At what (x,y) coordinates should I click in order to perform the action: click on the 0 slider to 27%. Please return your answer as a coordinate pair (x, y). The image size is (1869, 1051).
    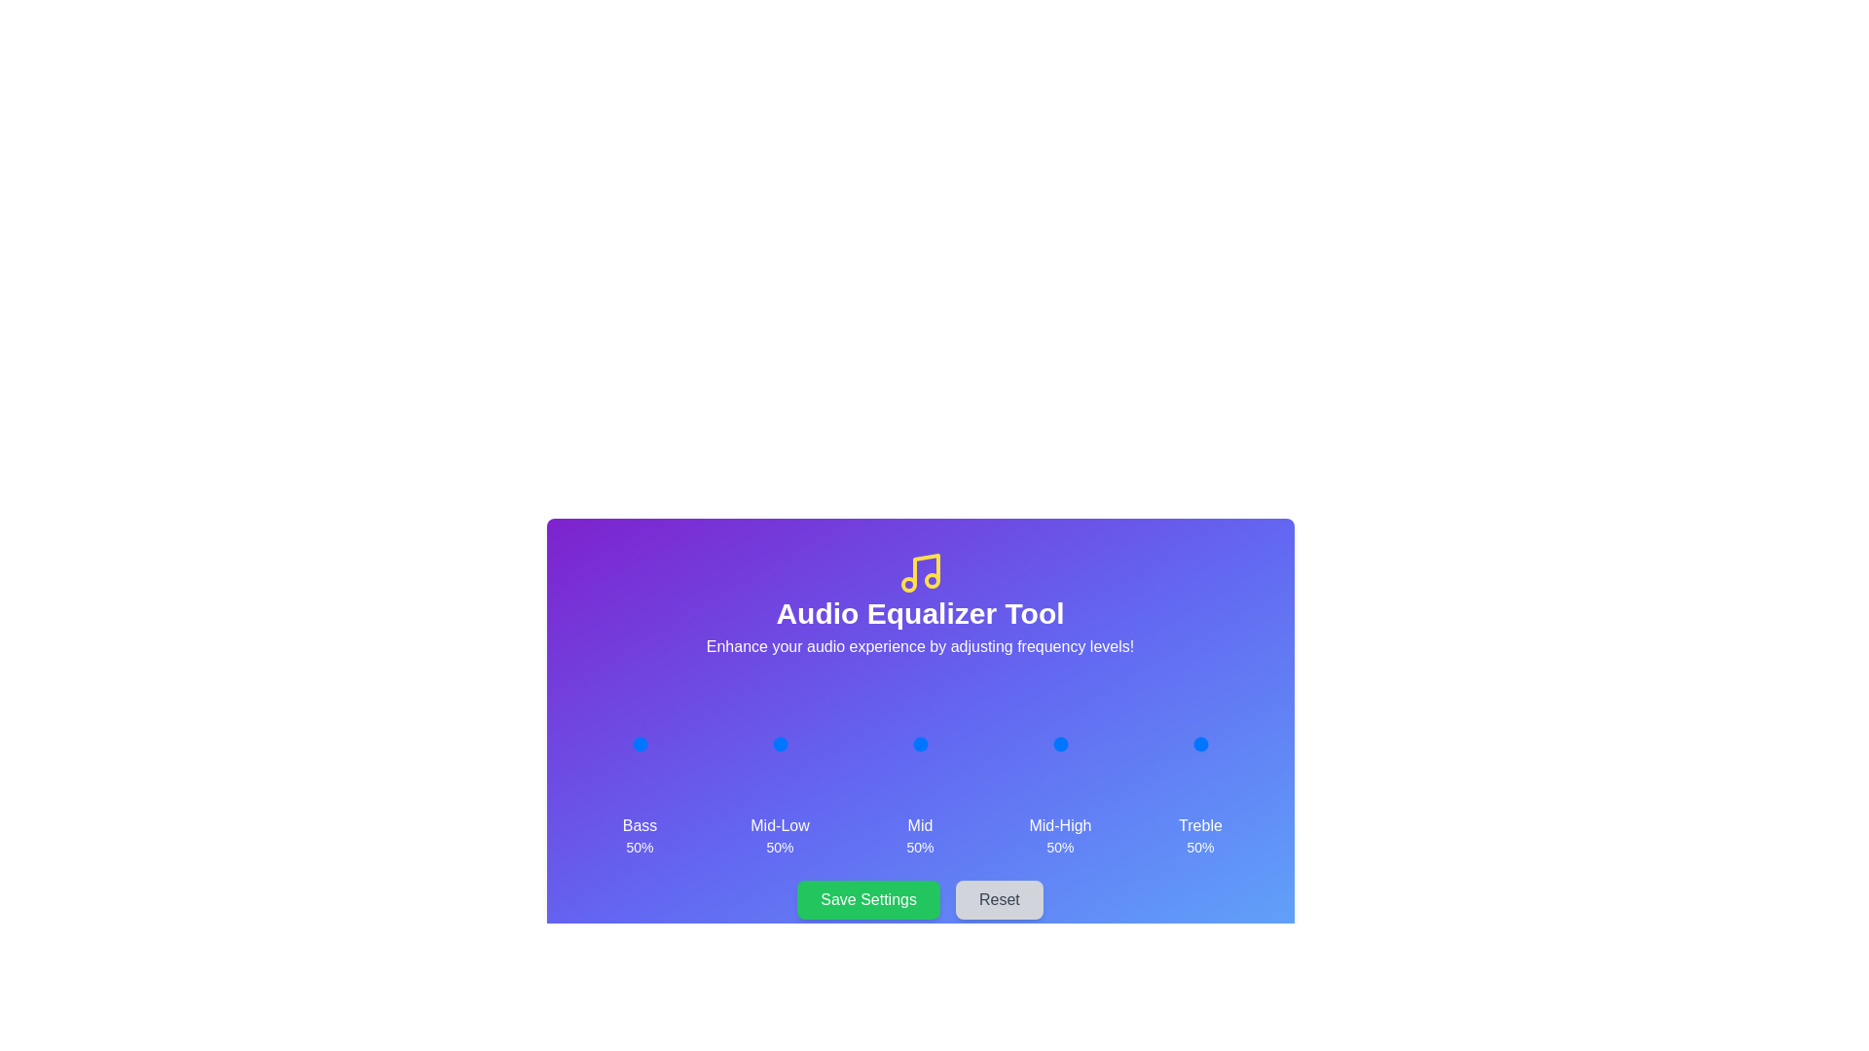
    Looking at the image, I should click on (625, 743).